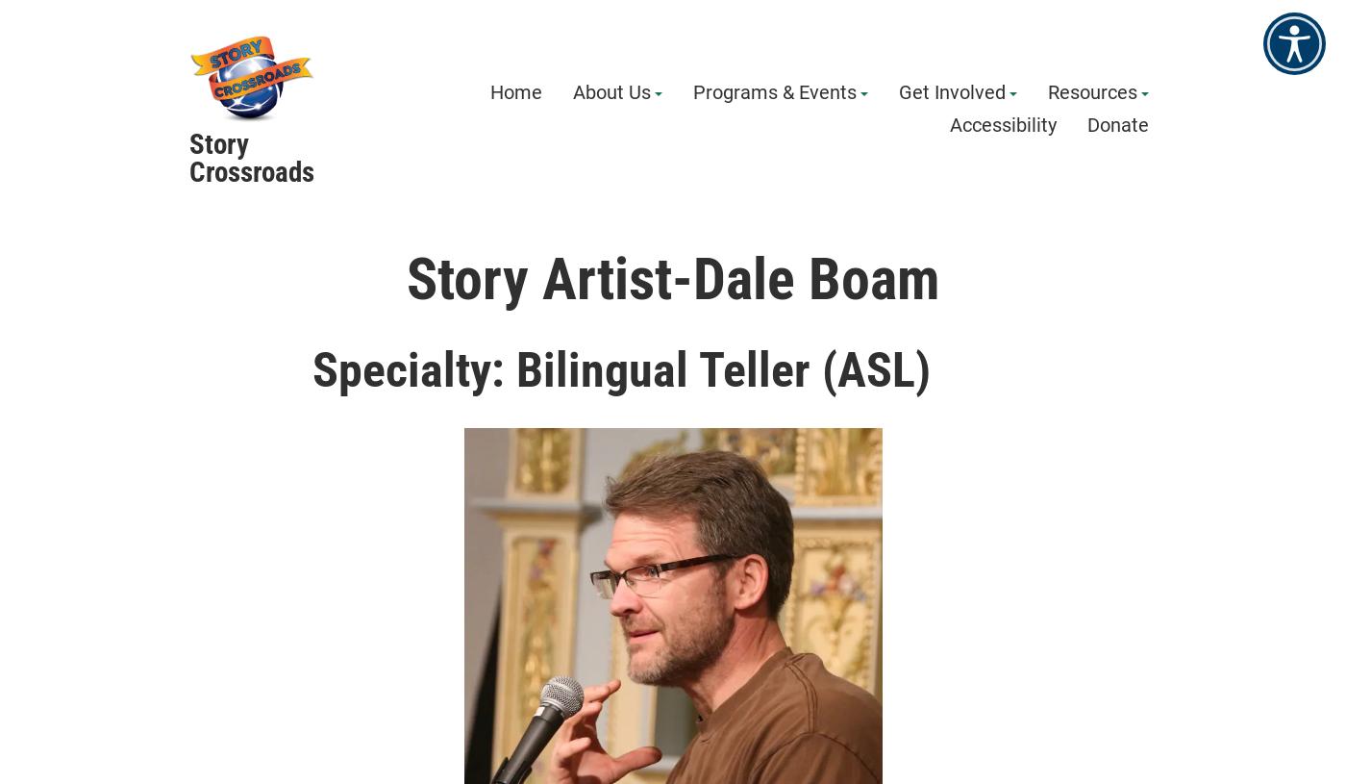 This screenshot has height=784, width=1346. I want to click on 'Story Artist-Dale Boam', so click(672, 277).